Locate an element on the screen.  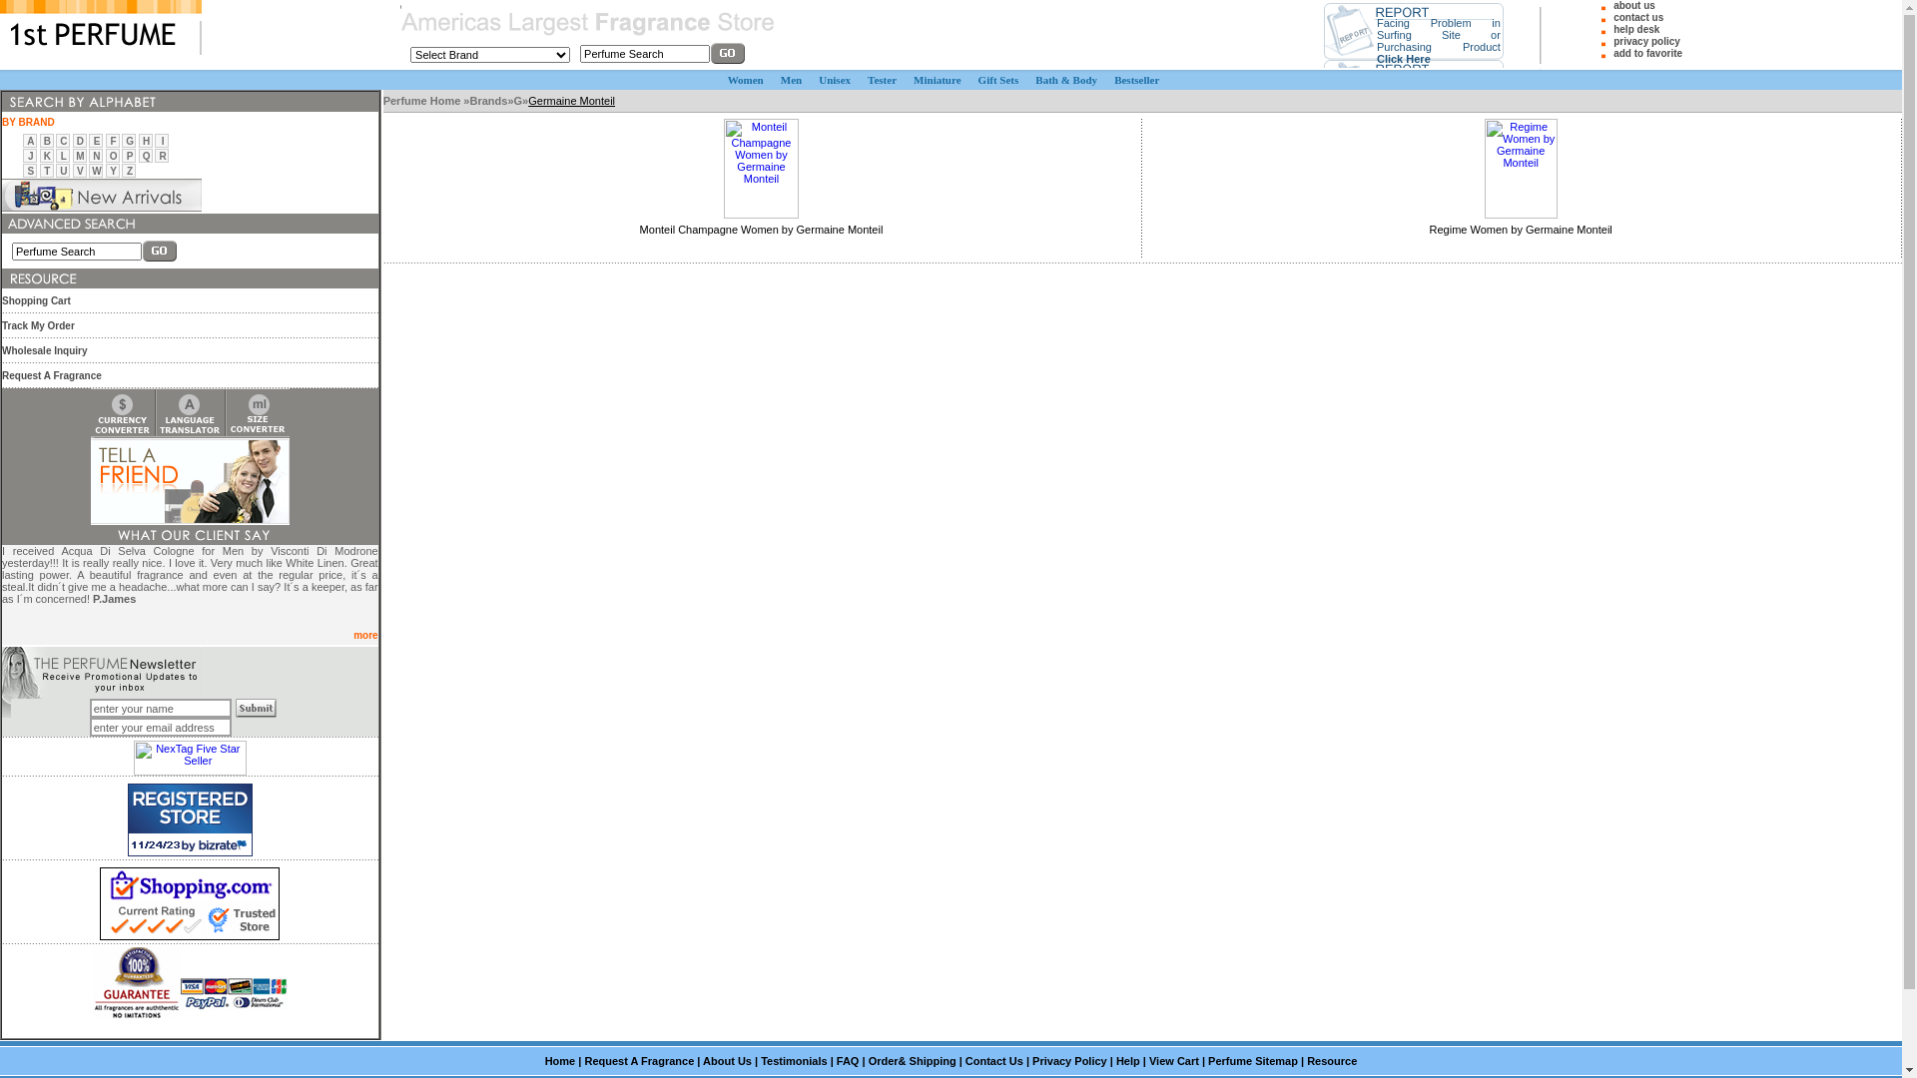
'E' is located at coordinates (93, 140).